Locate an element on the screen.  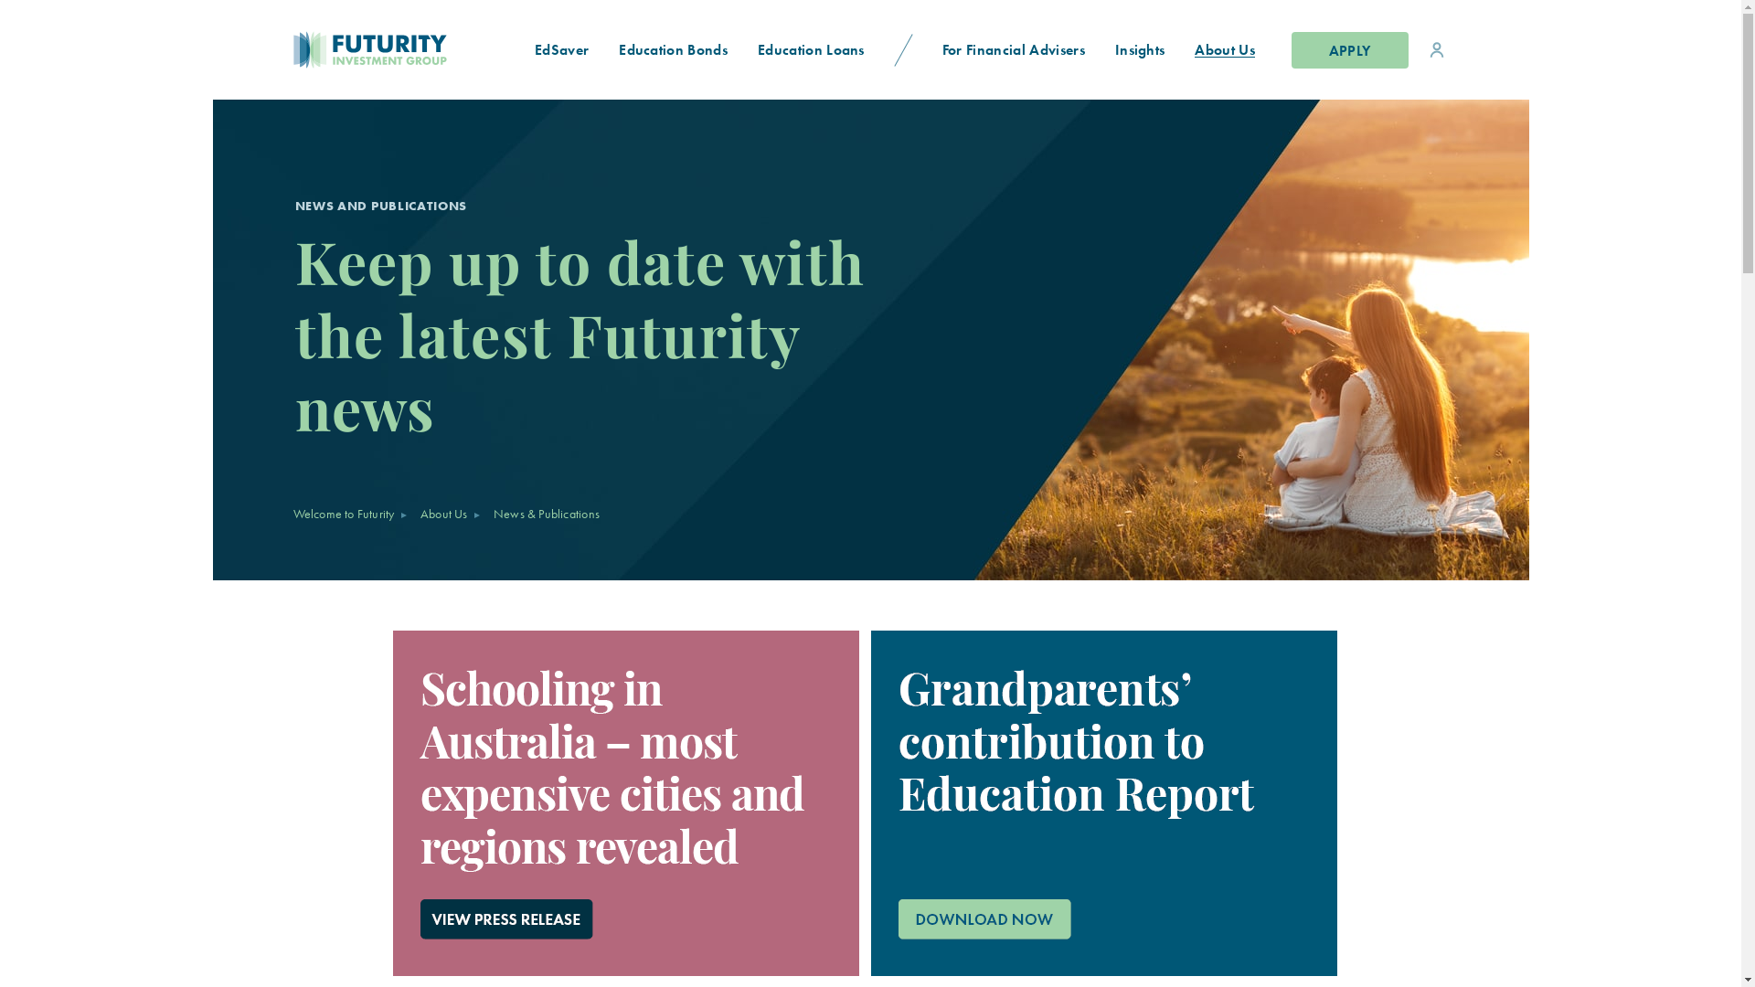
'Welcome to Futurity' is located at coordinates (343, 514).